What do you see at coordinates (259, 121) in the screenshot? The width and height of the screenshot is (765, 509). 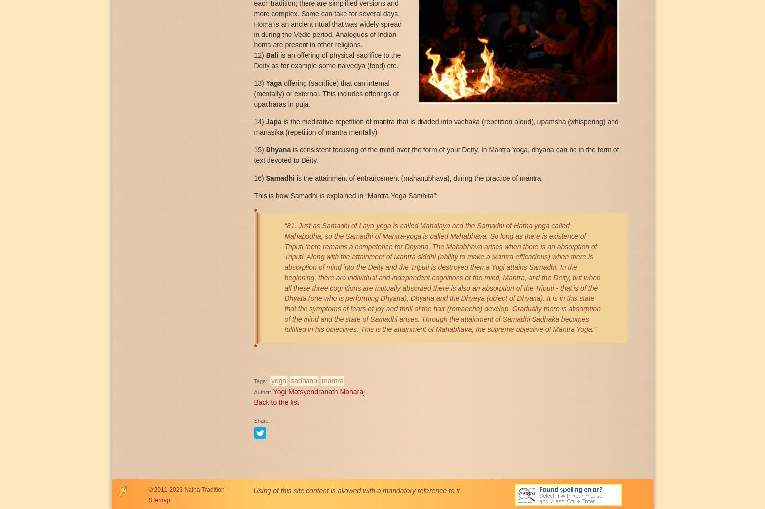 I see `'14)'` at bounding box center [259, 121].